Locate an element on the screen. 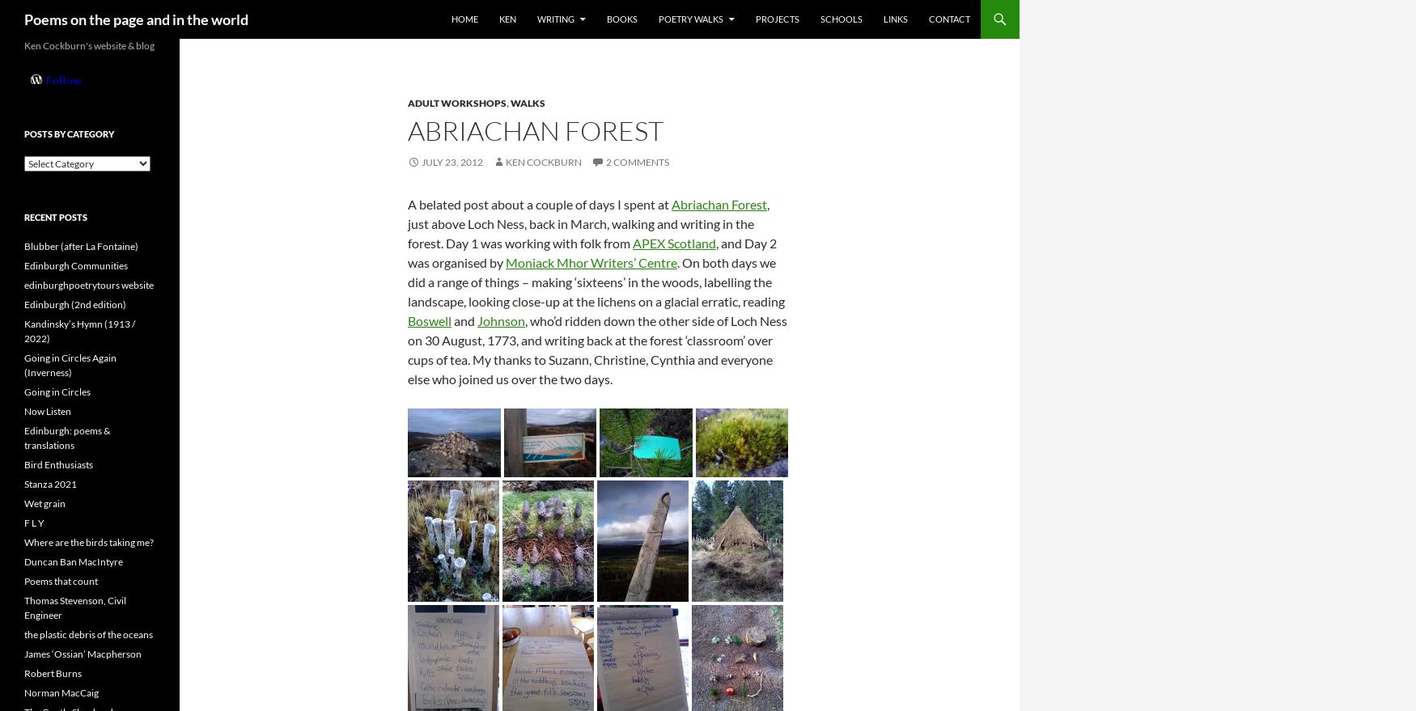 The width and height of the screenshot is (1416, 711). 'Kandinsky’s Hymn (1913 / 2022)' is located at coordinates (79, 330).